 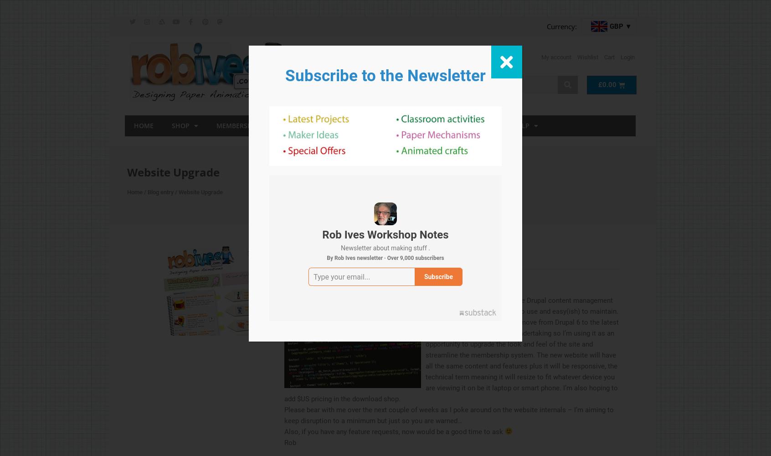 I want to click on 'Login', so click(x=627, y=57).